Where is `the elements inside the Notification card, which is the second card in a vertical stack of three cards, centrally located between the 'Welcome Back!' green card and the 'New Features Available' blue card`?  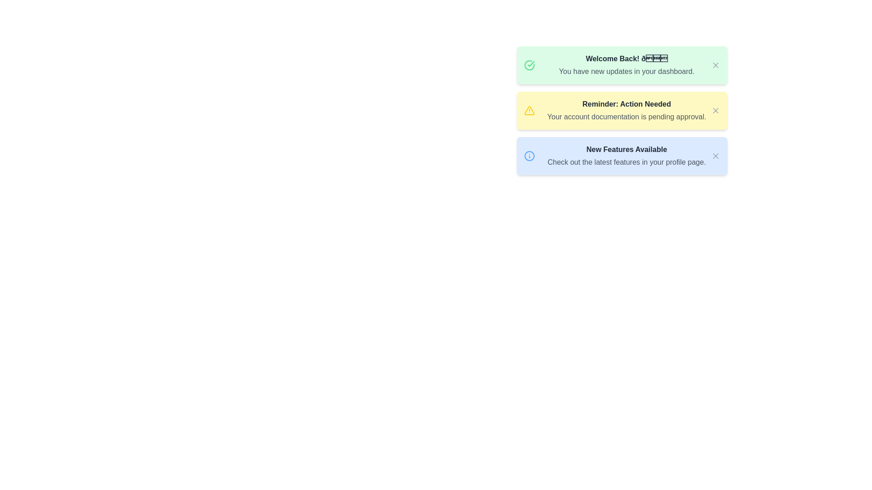
the elements inside the Notification card, which is the second card in a vertical stack of three cards, centrally located between the 'Welcome Back!' green card and the 'New Features Available' blue card is located at coordinates (621, 110).